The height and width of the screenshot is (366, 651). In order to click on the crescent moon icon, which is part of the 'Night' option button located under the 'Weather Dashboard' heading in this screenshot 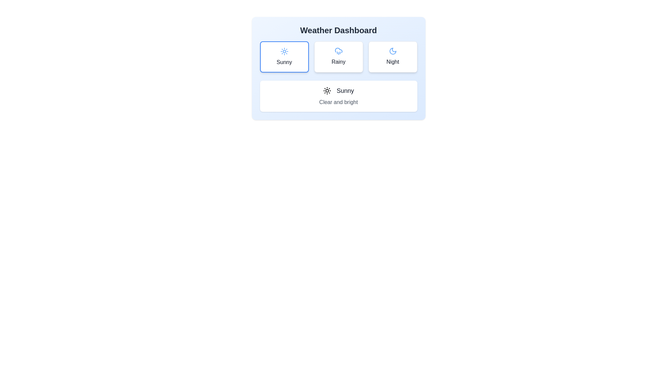, I will do `click(393, 50)`.